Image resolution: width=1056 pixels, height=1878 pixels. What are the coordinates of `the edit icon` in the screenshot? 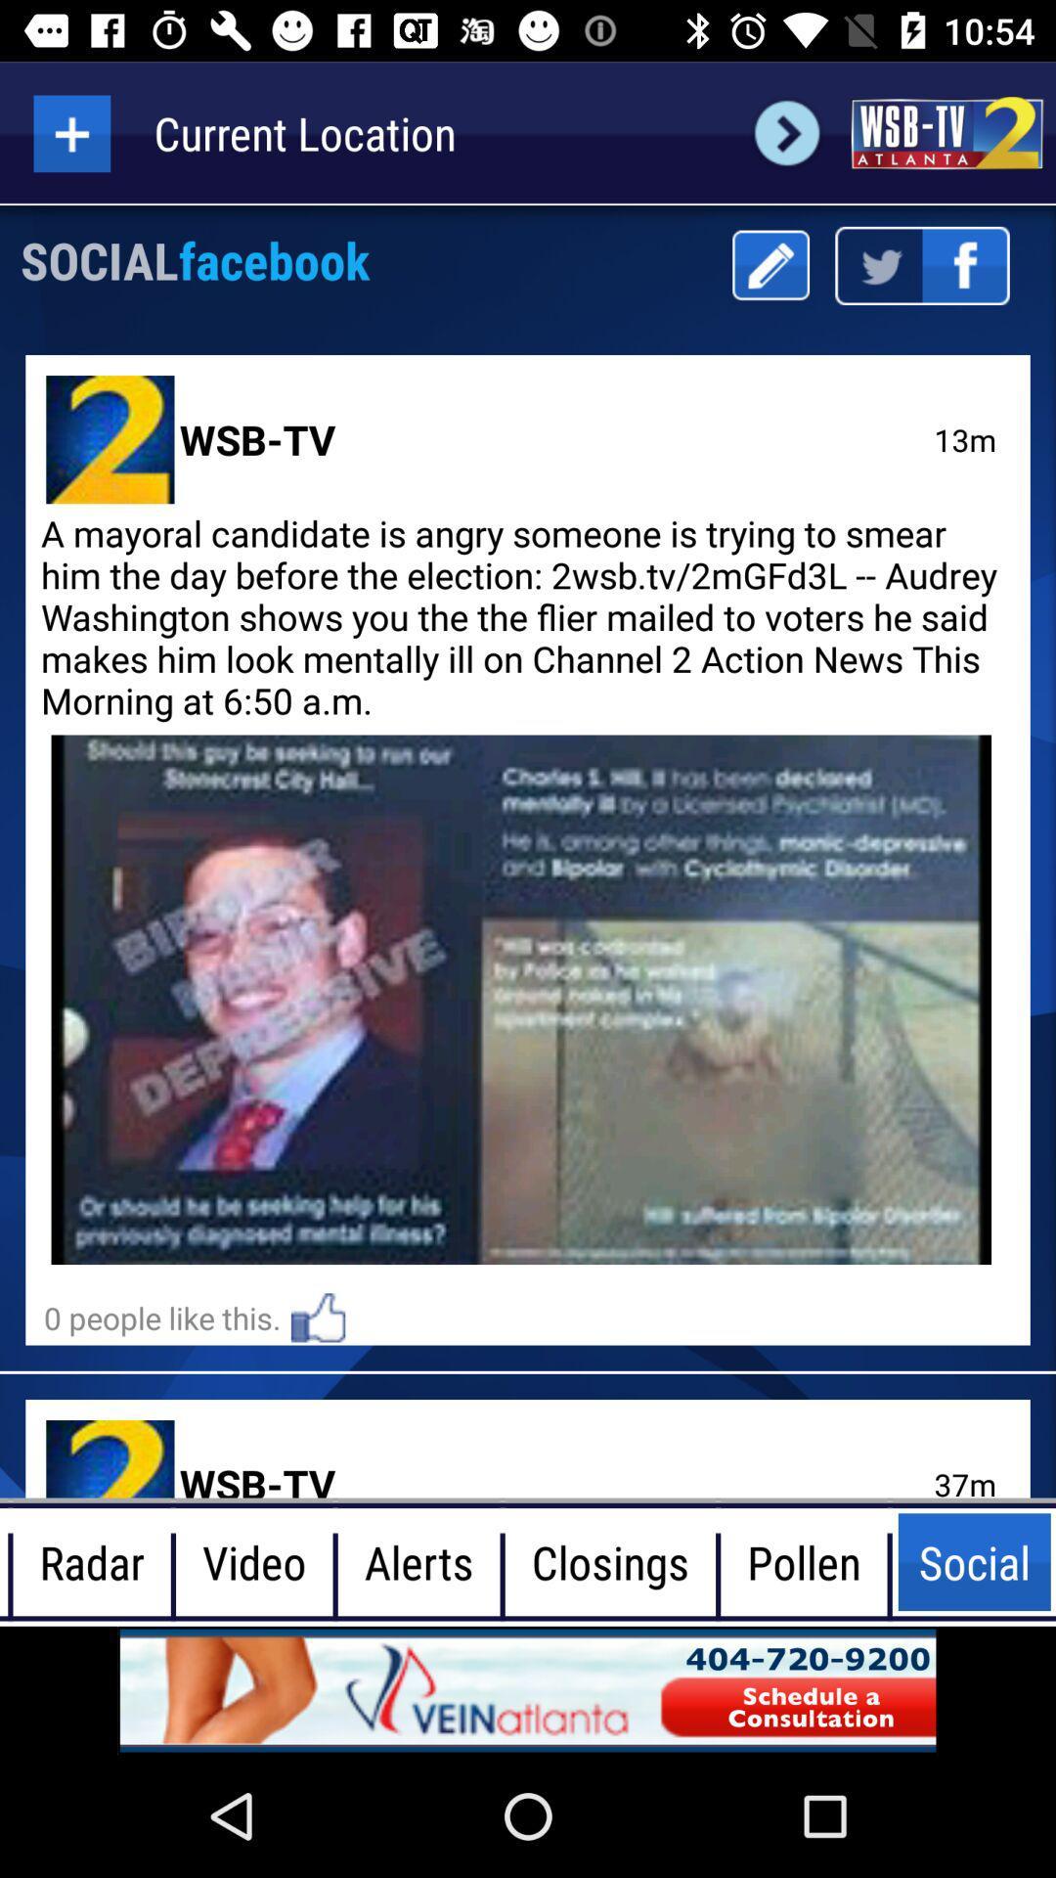 It's located at (770, 264).